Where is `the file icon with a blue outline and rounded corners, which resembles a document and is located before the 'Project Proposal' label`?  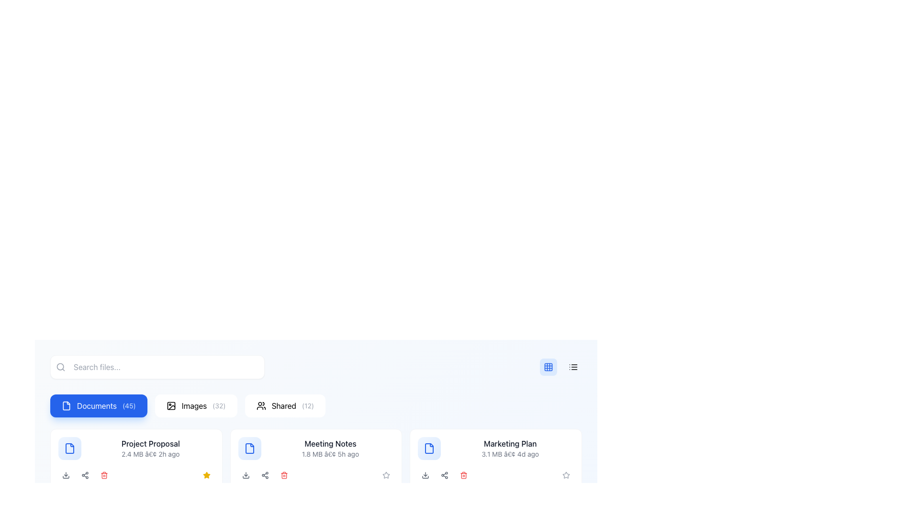 the file icon with a blue outline and rounded corners, which resembles a document and is located before the 'Project Proposal' label is located at coordinates (69, 449).